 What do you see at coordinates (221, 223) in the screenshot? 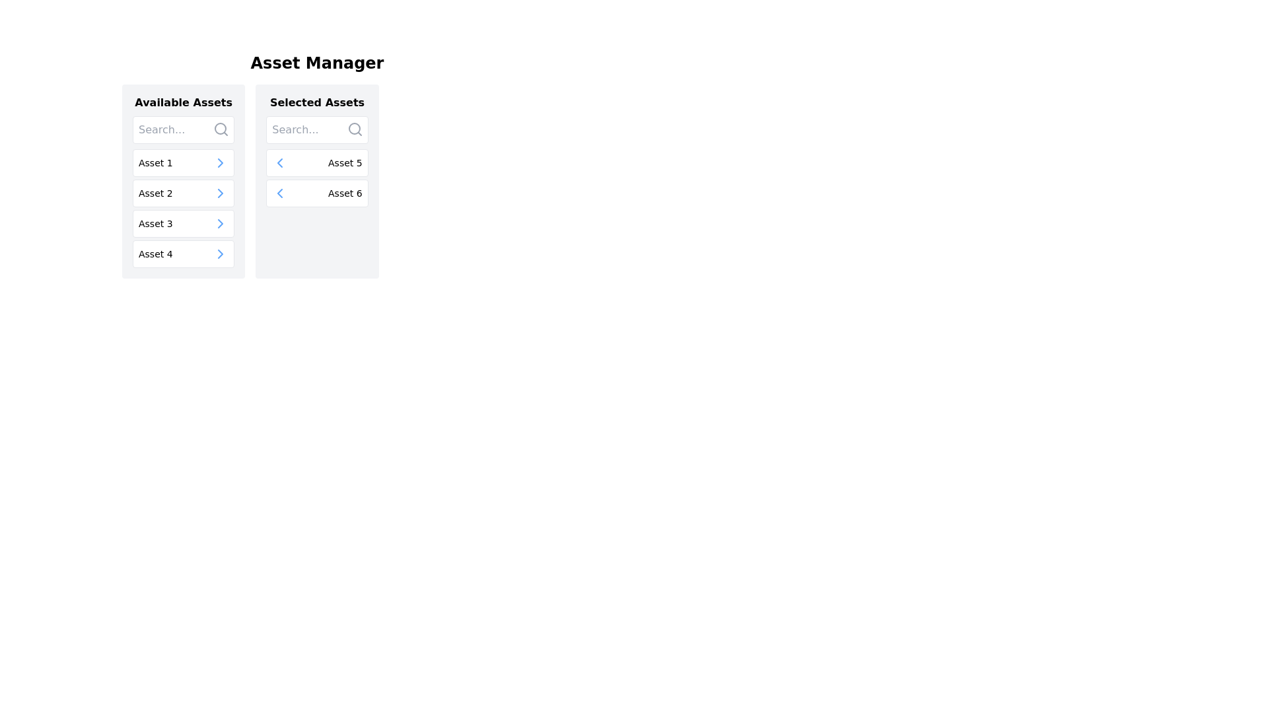
I see `the right-facing chevron icon button located at the far-right of the 'Asset 3' row in the 'Available Assets' list` at bounding box center [221, 223].